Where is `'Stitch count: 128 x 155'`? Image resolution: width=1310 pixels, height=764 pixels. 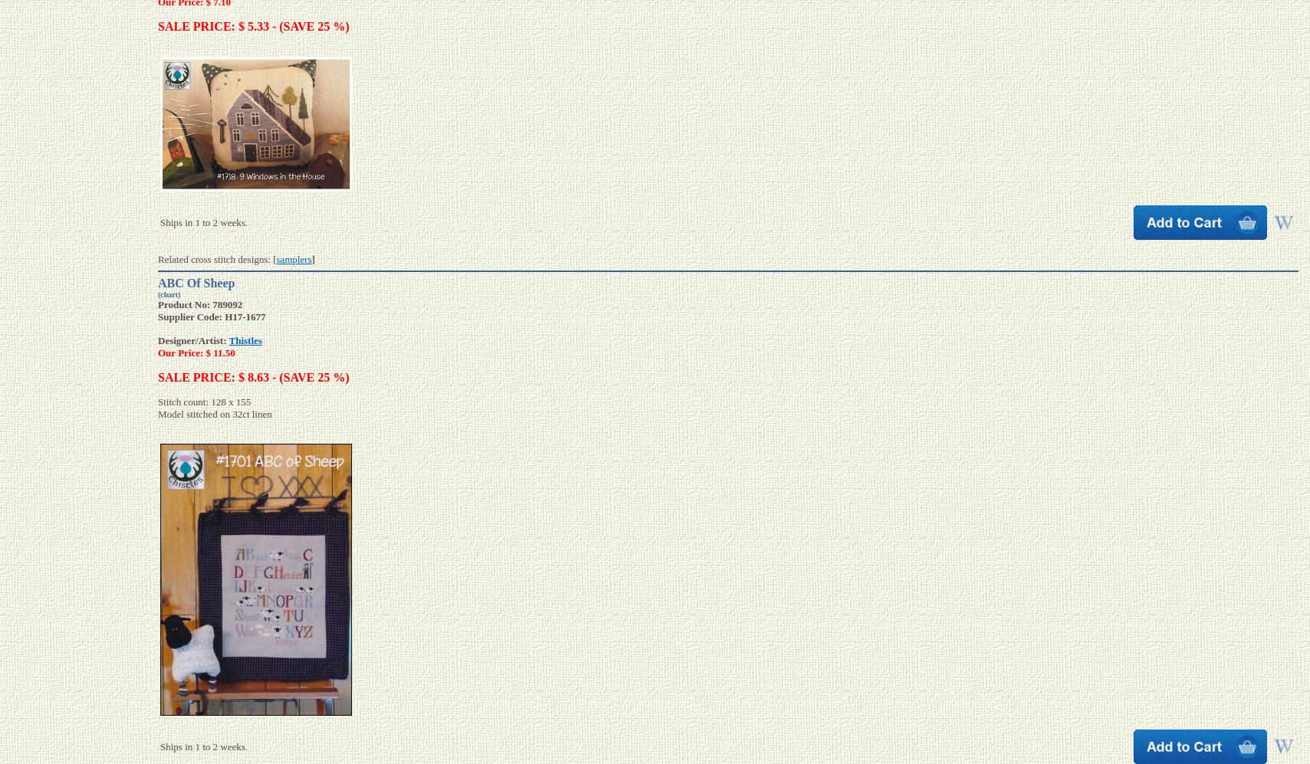
'Stitch count: 128 x 155' is located at coordinates (204, 401).